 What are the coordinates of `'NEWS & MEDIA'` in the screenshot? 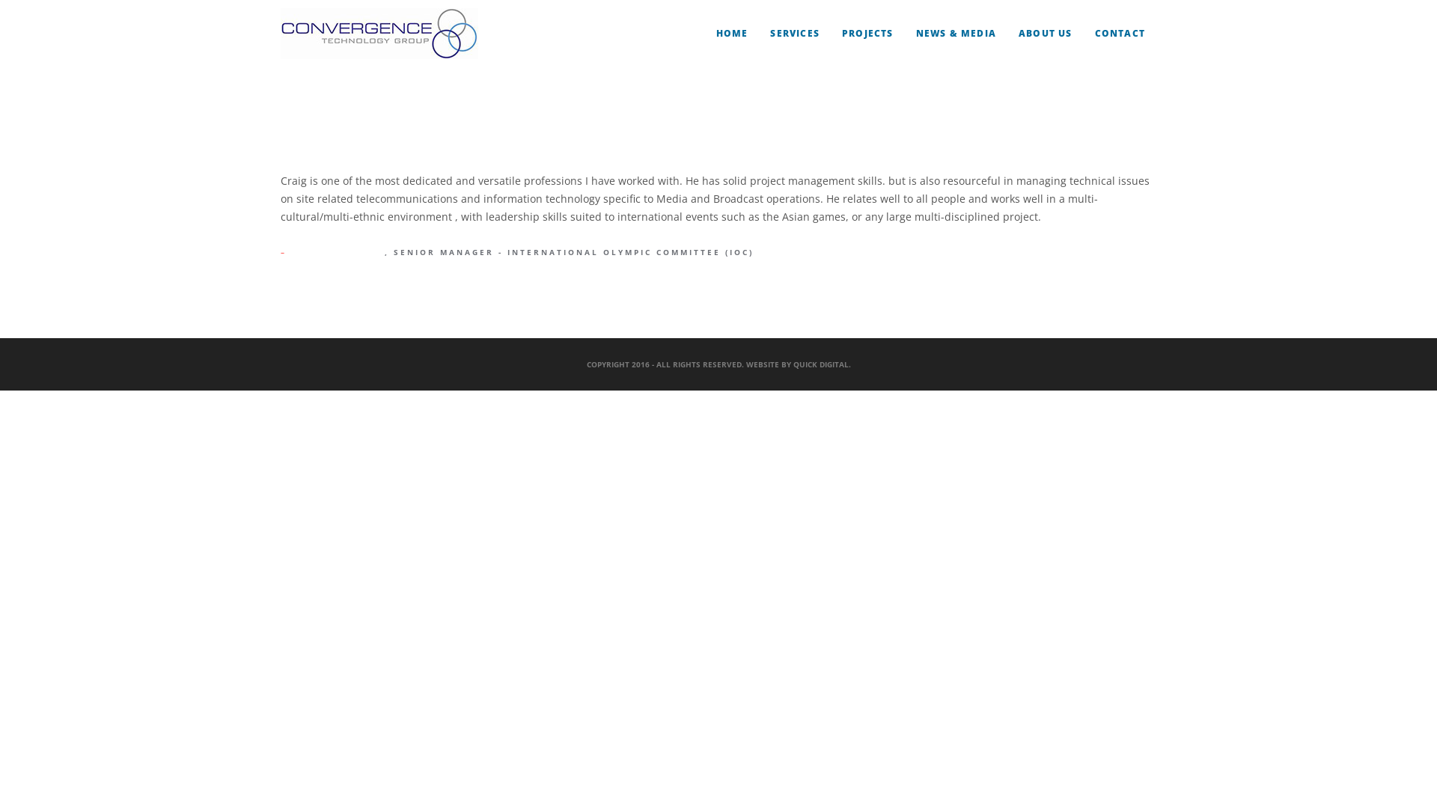 It's located at (915, 34).